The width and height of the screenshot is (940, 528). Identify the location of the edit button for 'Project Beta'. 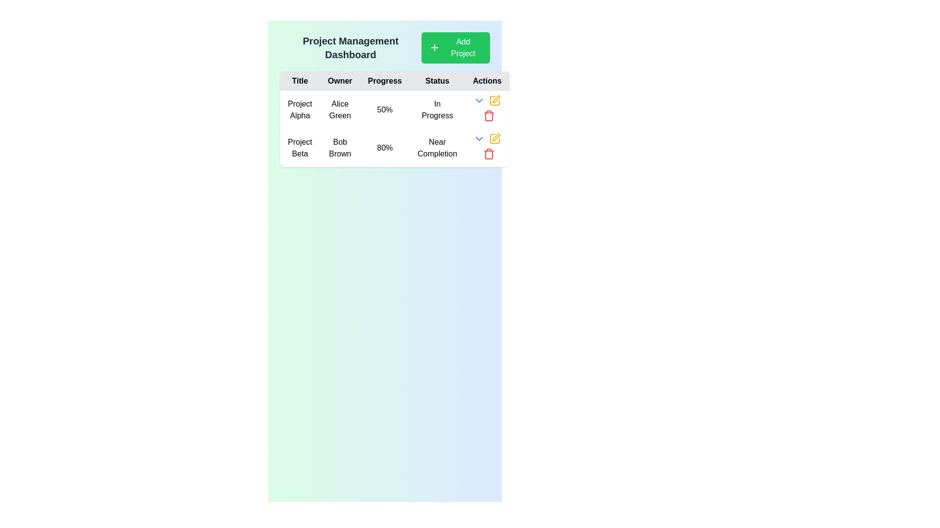
(495, 139).